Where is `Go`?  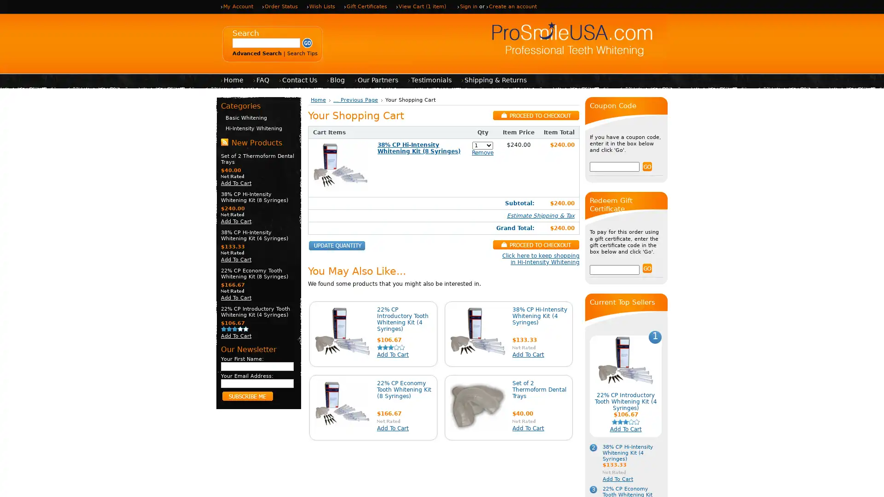 Go is located at coordinates (647, 268).